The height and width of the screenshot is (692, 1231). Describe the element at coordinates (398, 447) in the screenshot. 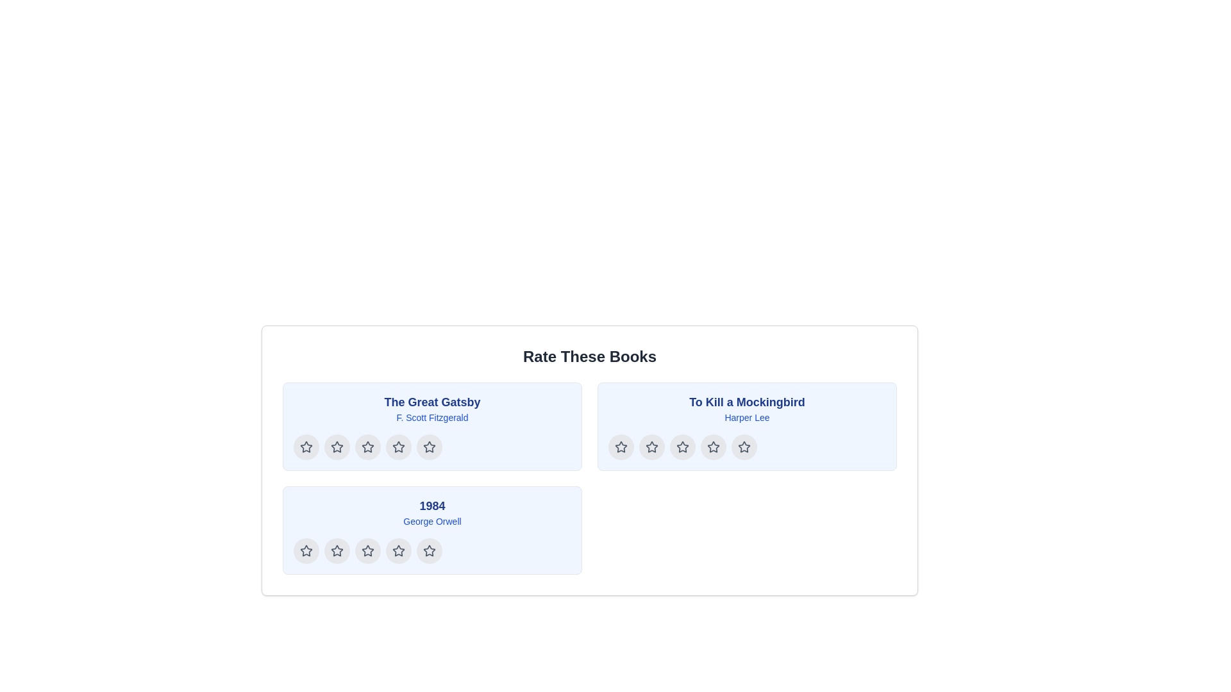

I see `the third star icon in the rating button for the book 'The Great Gatsby'` at that location.